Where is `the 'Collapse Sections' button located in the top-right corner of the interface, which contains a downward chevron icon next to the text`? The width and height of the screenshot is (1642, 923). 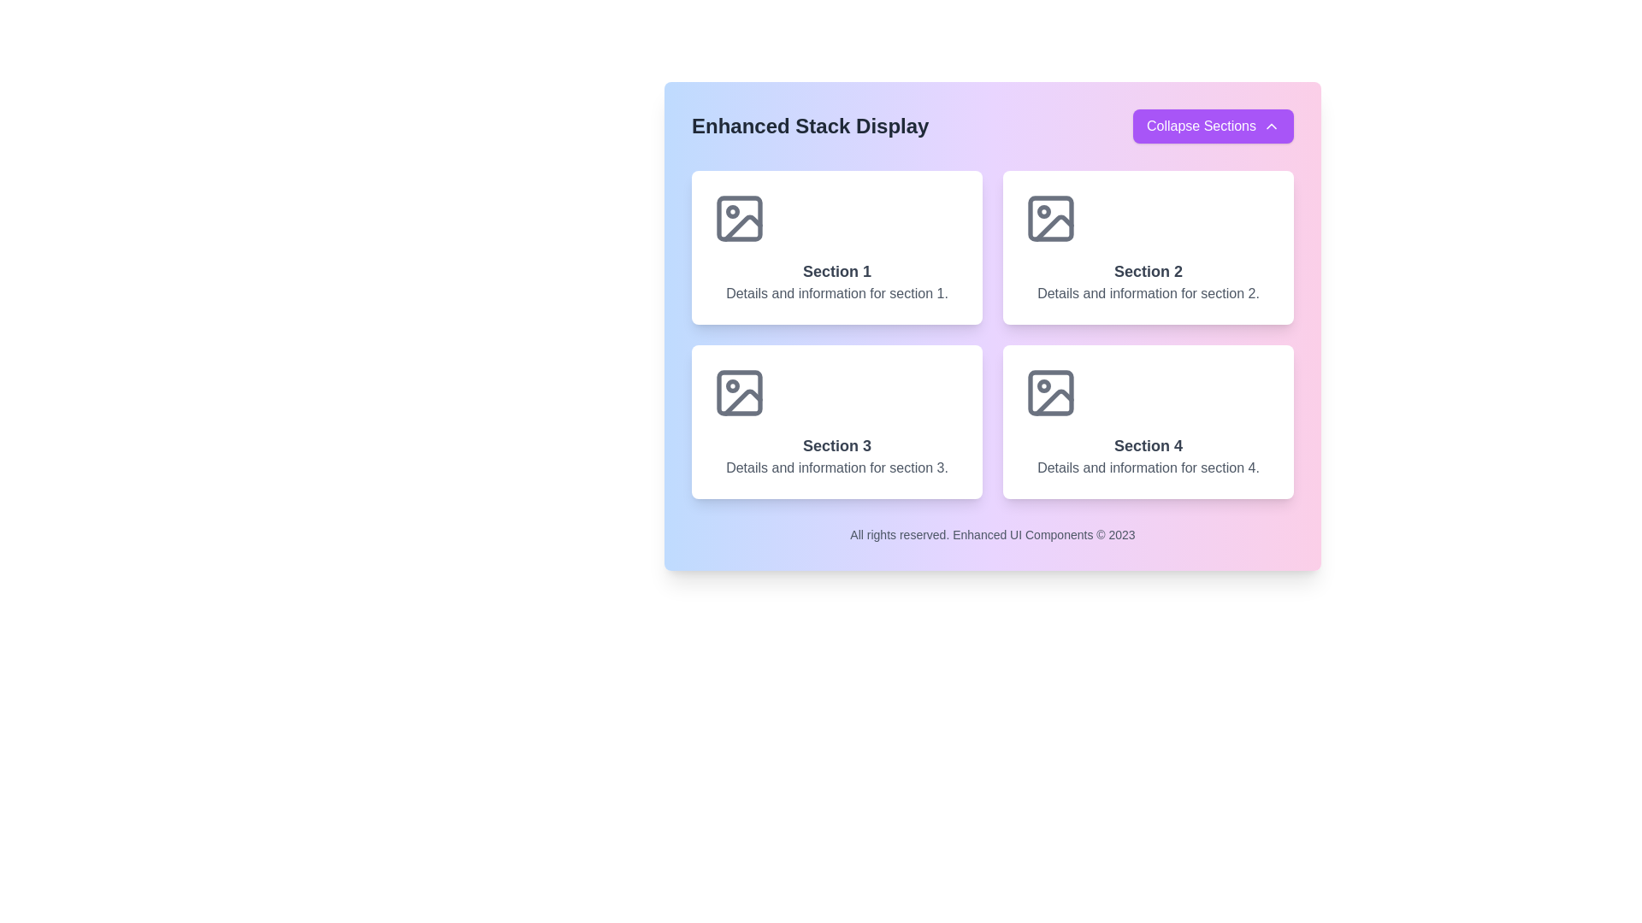
the 'Collapse Sections' button located in the top-right corner of the interface, which contains a downward chevron icon next to the text is located at coordinates (1201, 125).